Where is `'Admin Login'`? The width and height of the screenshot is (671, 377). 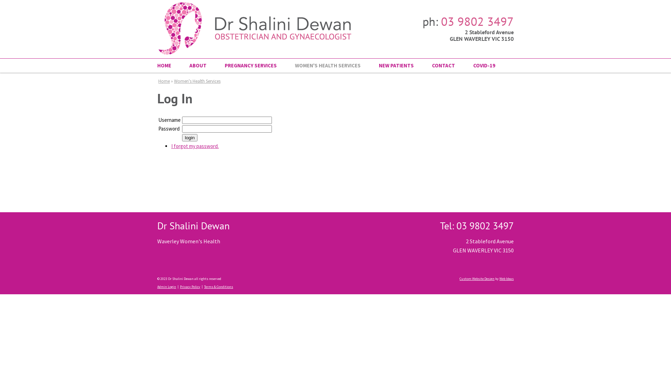 'Admin Login' is located at coordinates (166, 287).